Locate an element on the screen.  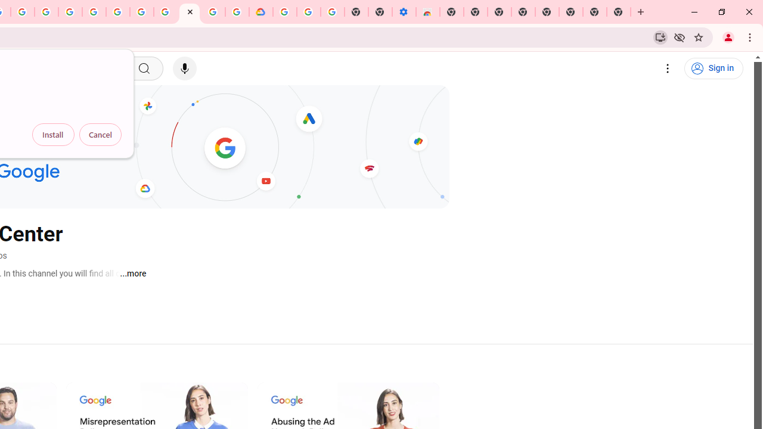
'Search' is located at coordinates (143, 69).